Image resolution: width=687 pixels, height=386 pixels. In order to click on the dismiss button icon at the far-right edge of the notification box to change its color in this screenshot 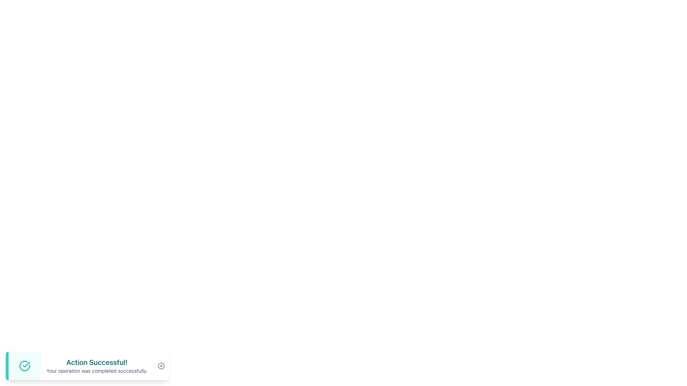, I will do `click(161, 366)`.